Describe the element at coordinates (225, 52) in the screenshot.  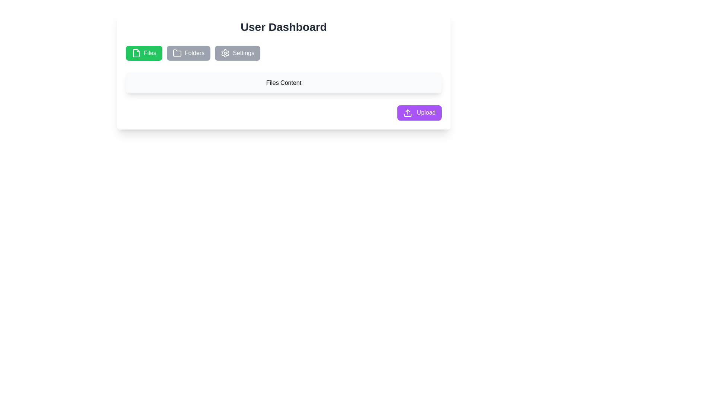
I see `the 'Settings' button, which is represented by a gear icon located at the top center of the dashboard, below the 'User Dashboard' heading` at that location.